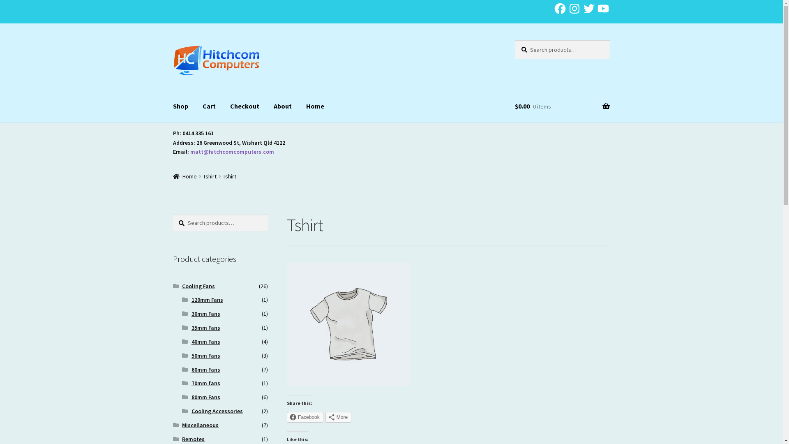  Describe the element at coordinates (574, 8) in the screenshot. I see `'Instagram'` at that location.